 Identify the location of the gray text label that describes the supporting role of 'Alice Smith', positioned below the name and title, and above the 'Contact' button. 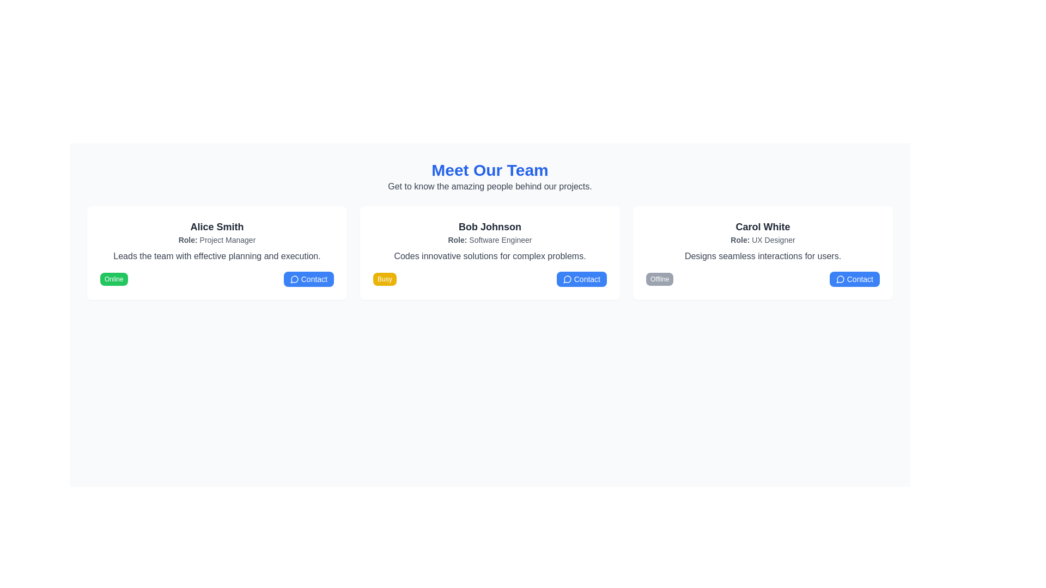
(217, 256).